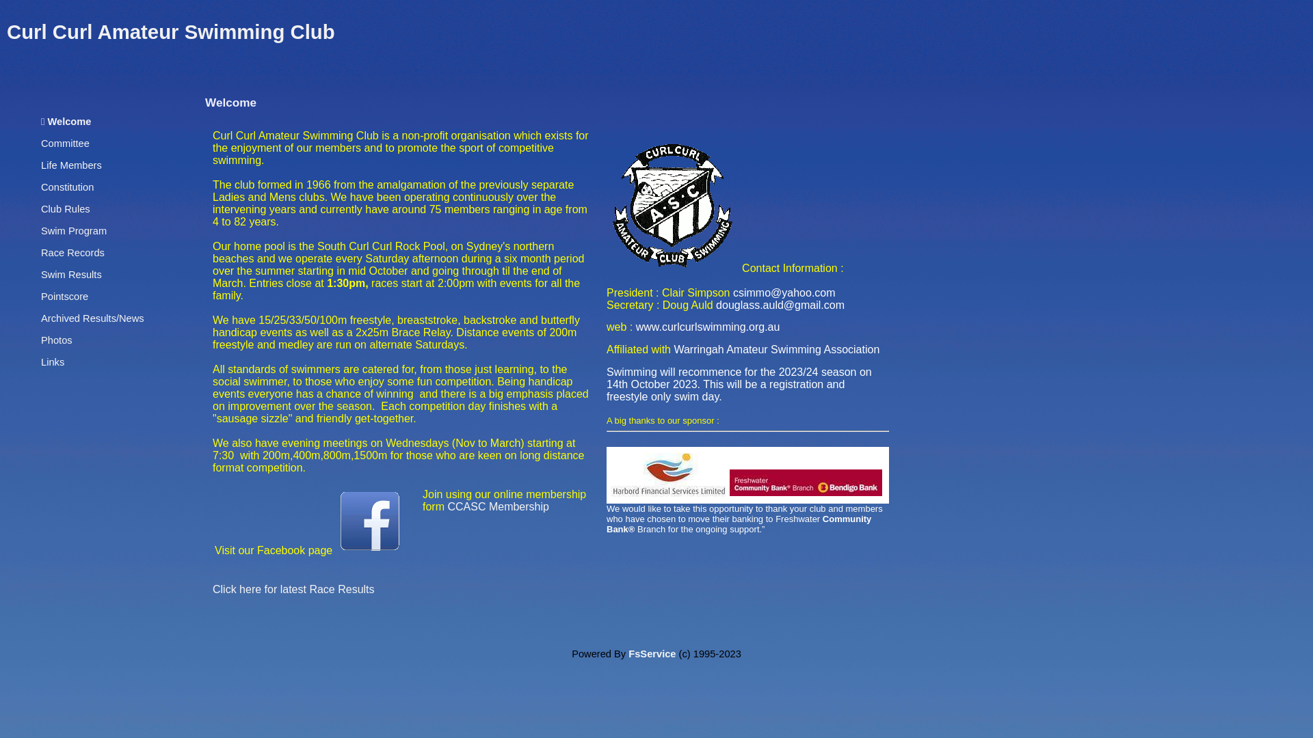  What do you see at coordinates (55, 339) in the screenshot?
I see `'Photos'` at bounding box center [55, 339].